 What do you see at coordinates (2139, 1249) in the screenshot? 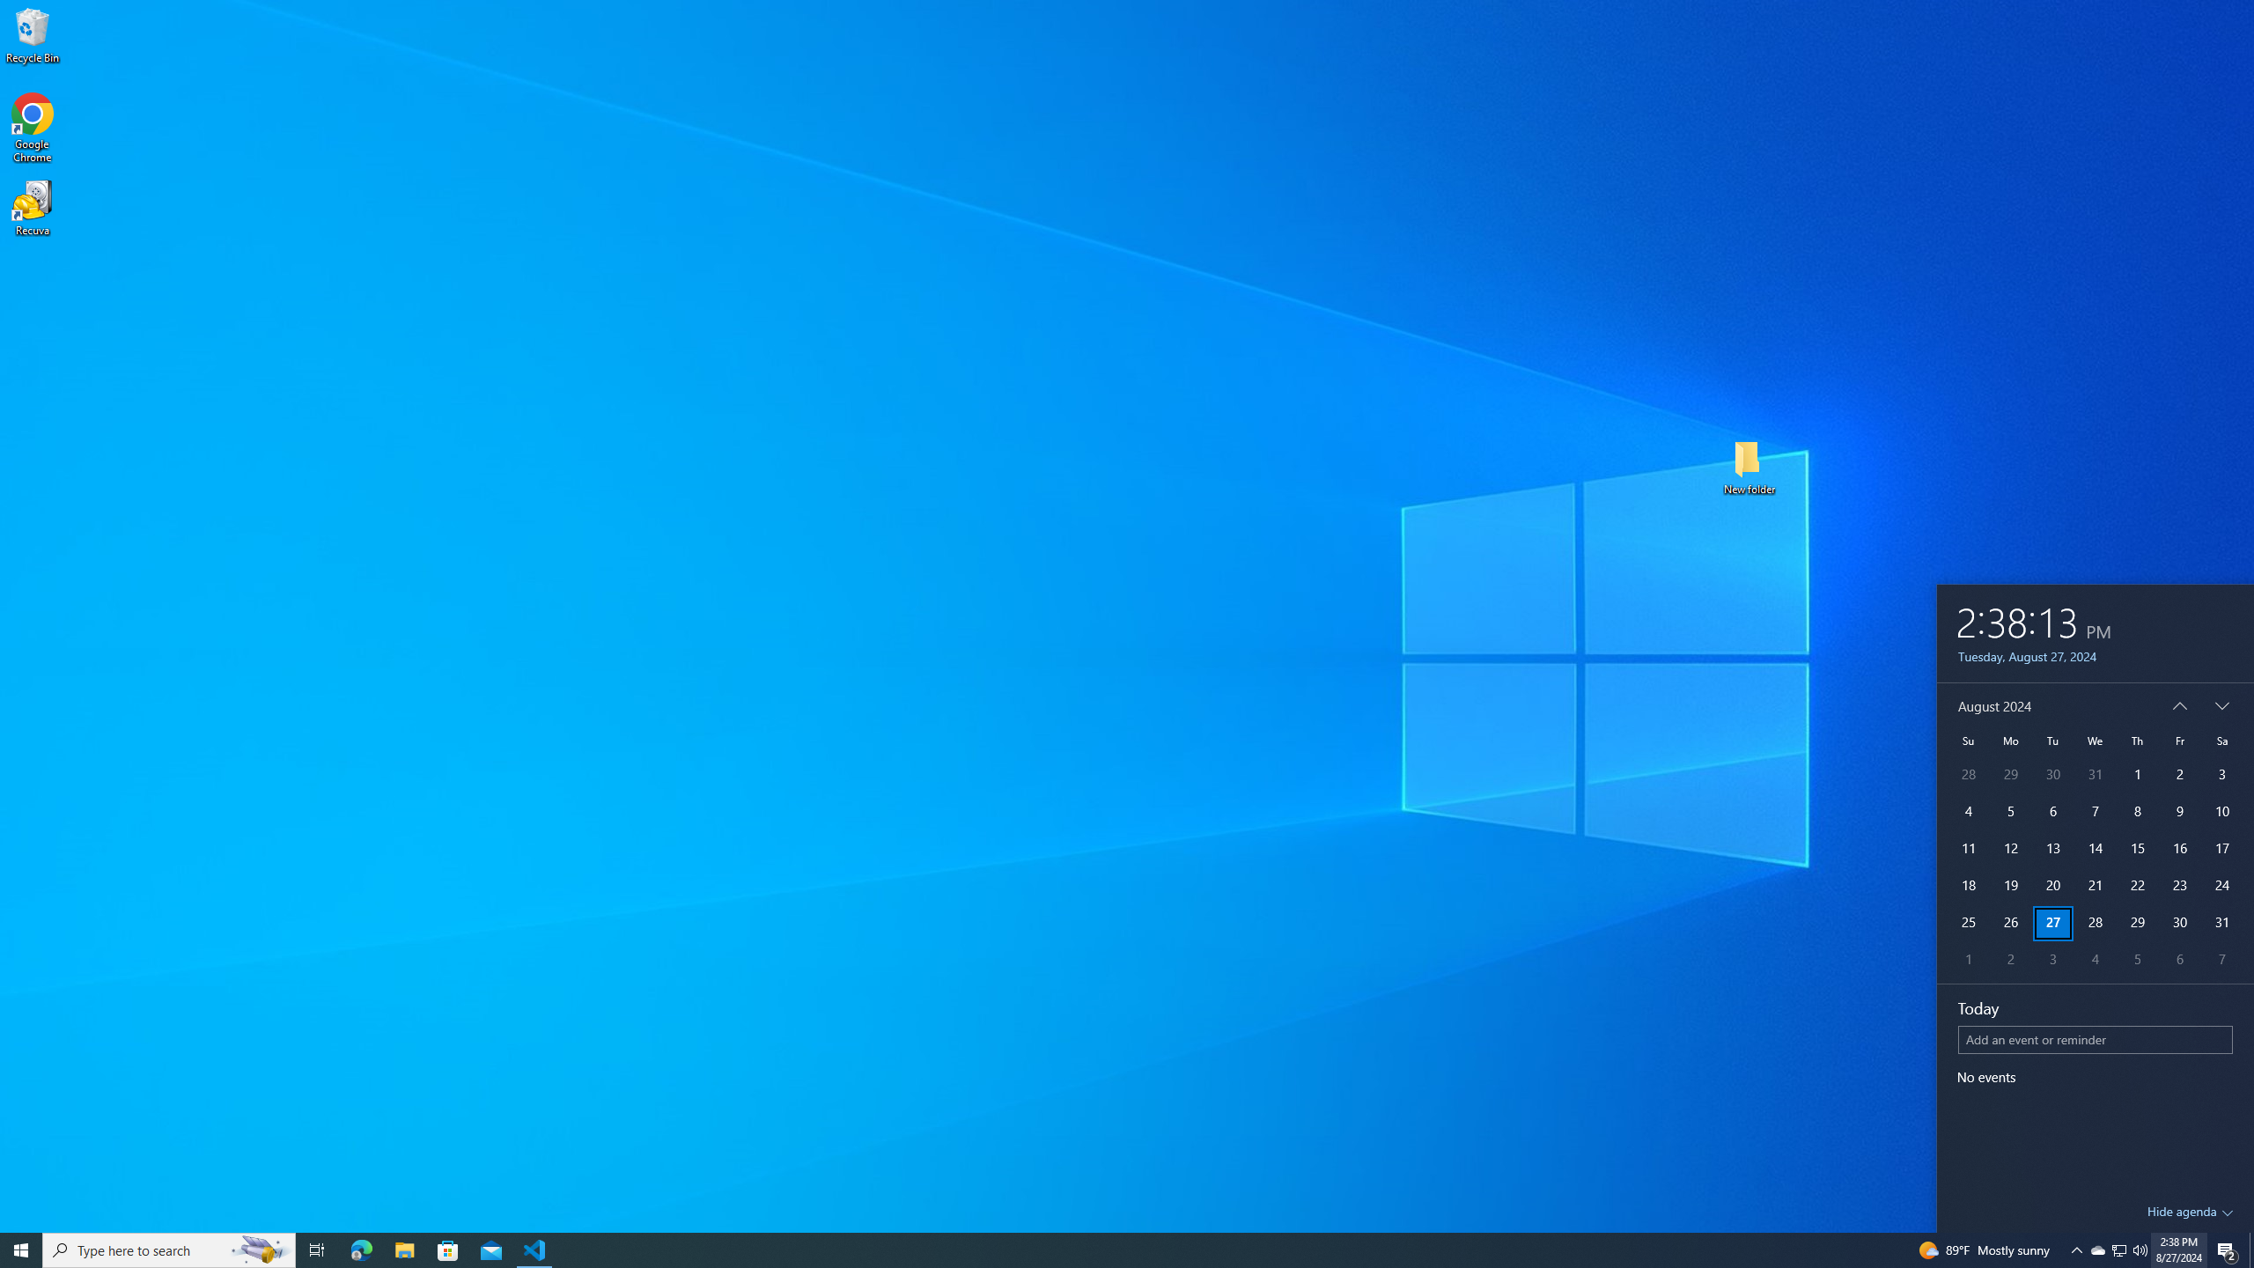
I see `'Q2790: 100%'` at bounding box center [2139, 1249].